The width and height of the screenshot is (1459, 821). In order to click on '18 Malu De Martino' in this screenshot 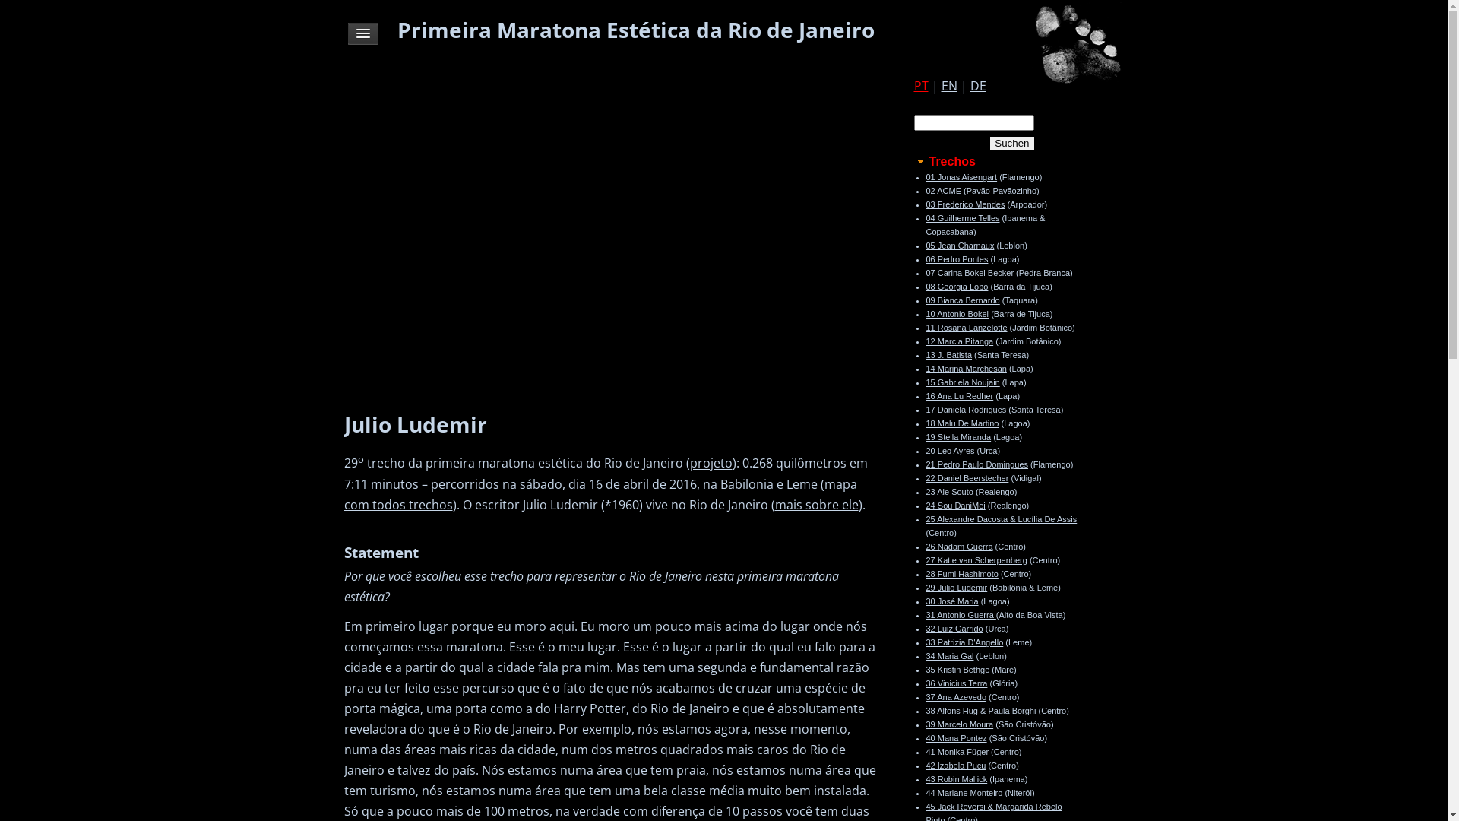, I will do `click(961, 423)`.